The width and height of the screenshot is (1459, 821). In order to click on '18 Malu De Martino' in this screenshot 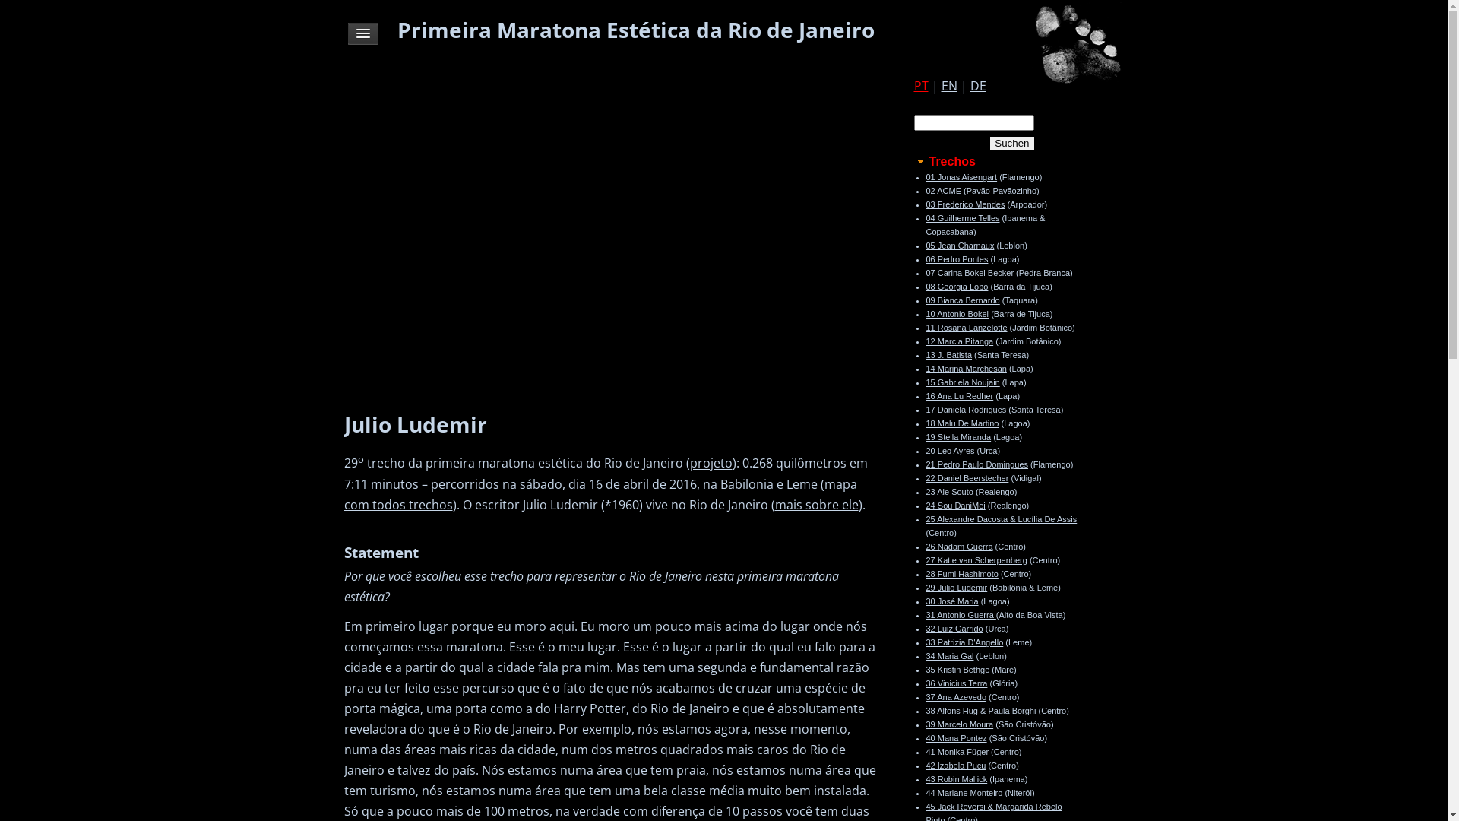, I will do `click(961, 423)`.